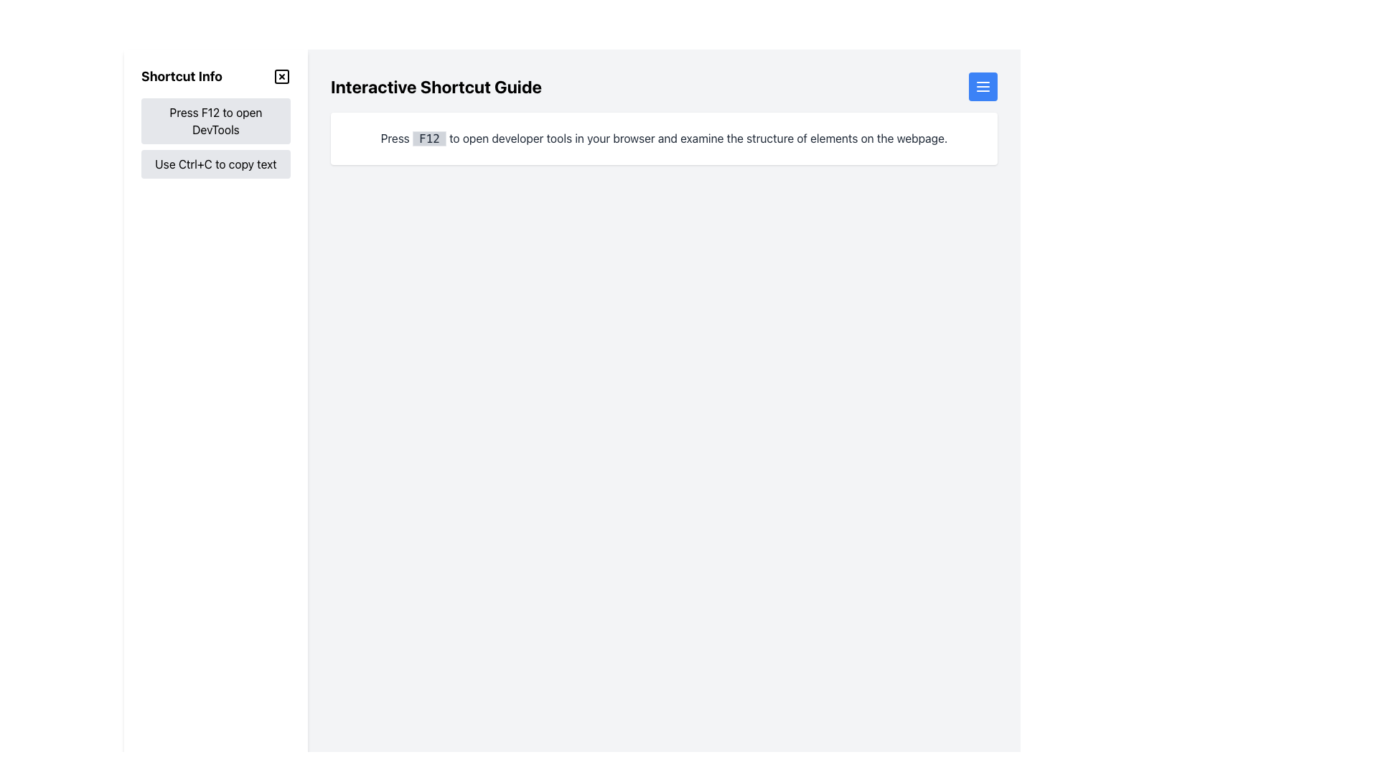 Image resolution: width=1378 pixels, height=775 pixels. What do you see at coordinates (215, 138) in the screenshot?
I see `displayed text in the Text Display Area located in the left sidebar under the 'Shortcut Info' title, which contains stacked gray text blocks` at bounding box center [215, 138].